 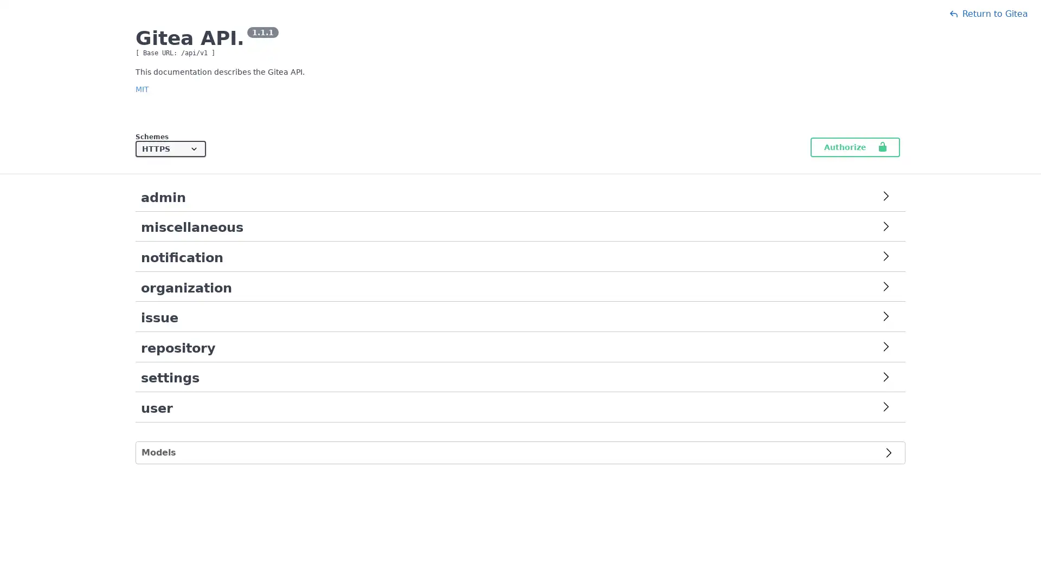 What do you see at coordinates (885, 257) in the screenshot?
I see `Expand operation` at bounding box center [885, 257].